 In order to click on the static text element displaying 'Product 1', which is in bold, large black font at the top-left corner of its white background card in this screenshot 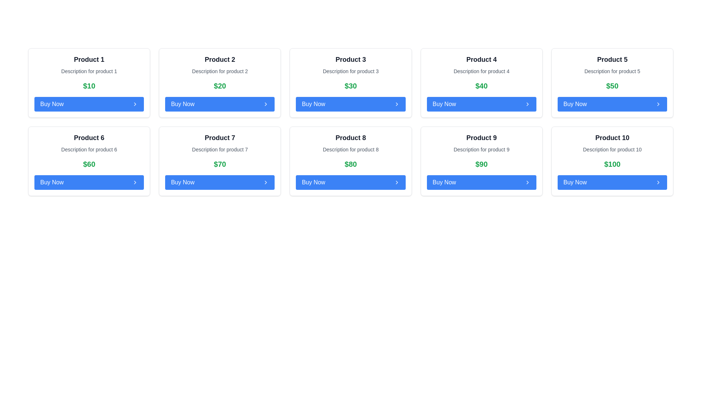, I will do `click(89, 59)`.